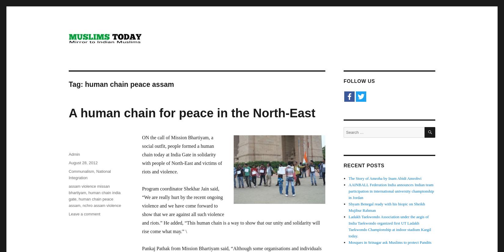 Image resolution: width=504 pixels, height=252 pixels. I want to click on 'Mirror to Indian Muslims', so click(89, 48).